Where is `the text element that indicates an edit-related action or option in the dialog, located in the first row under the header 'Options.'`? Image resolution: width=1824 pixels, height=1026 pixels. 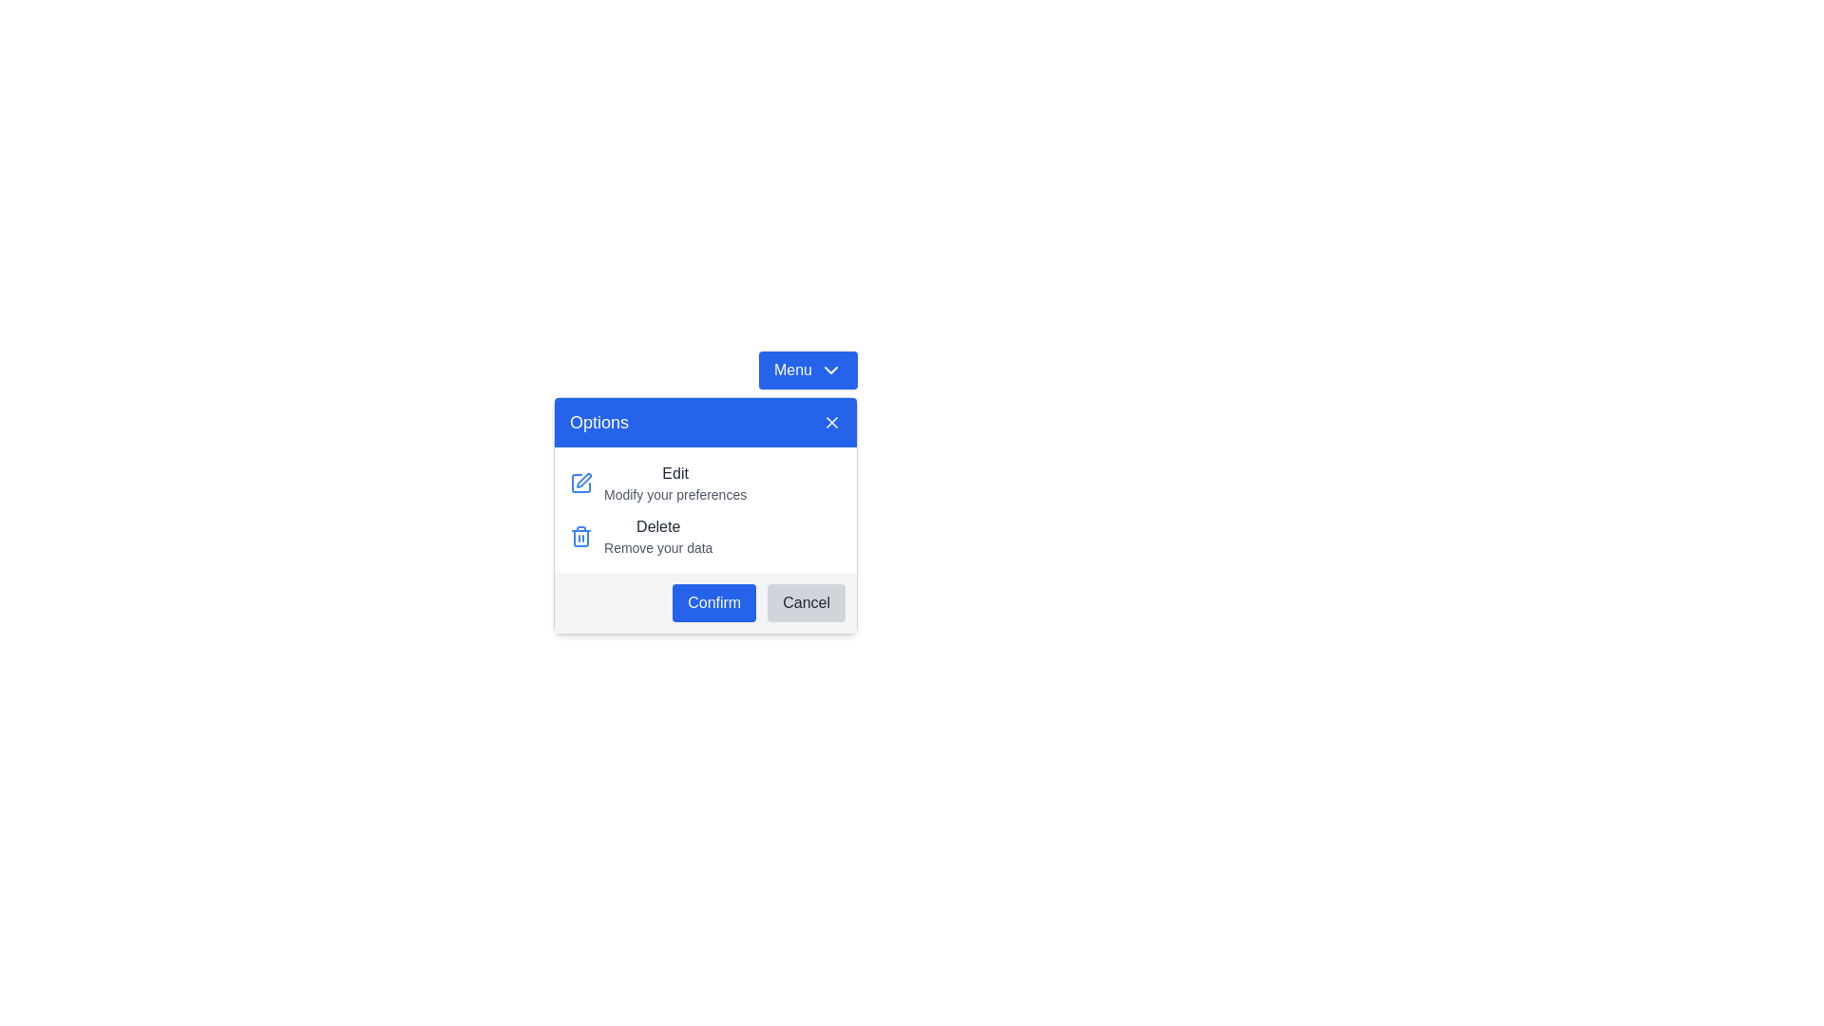 the text element that indicates an edit-related action or option in the dialog, located in the first row under the header 'Options.' is located at coordinates (675, 472).